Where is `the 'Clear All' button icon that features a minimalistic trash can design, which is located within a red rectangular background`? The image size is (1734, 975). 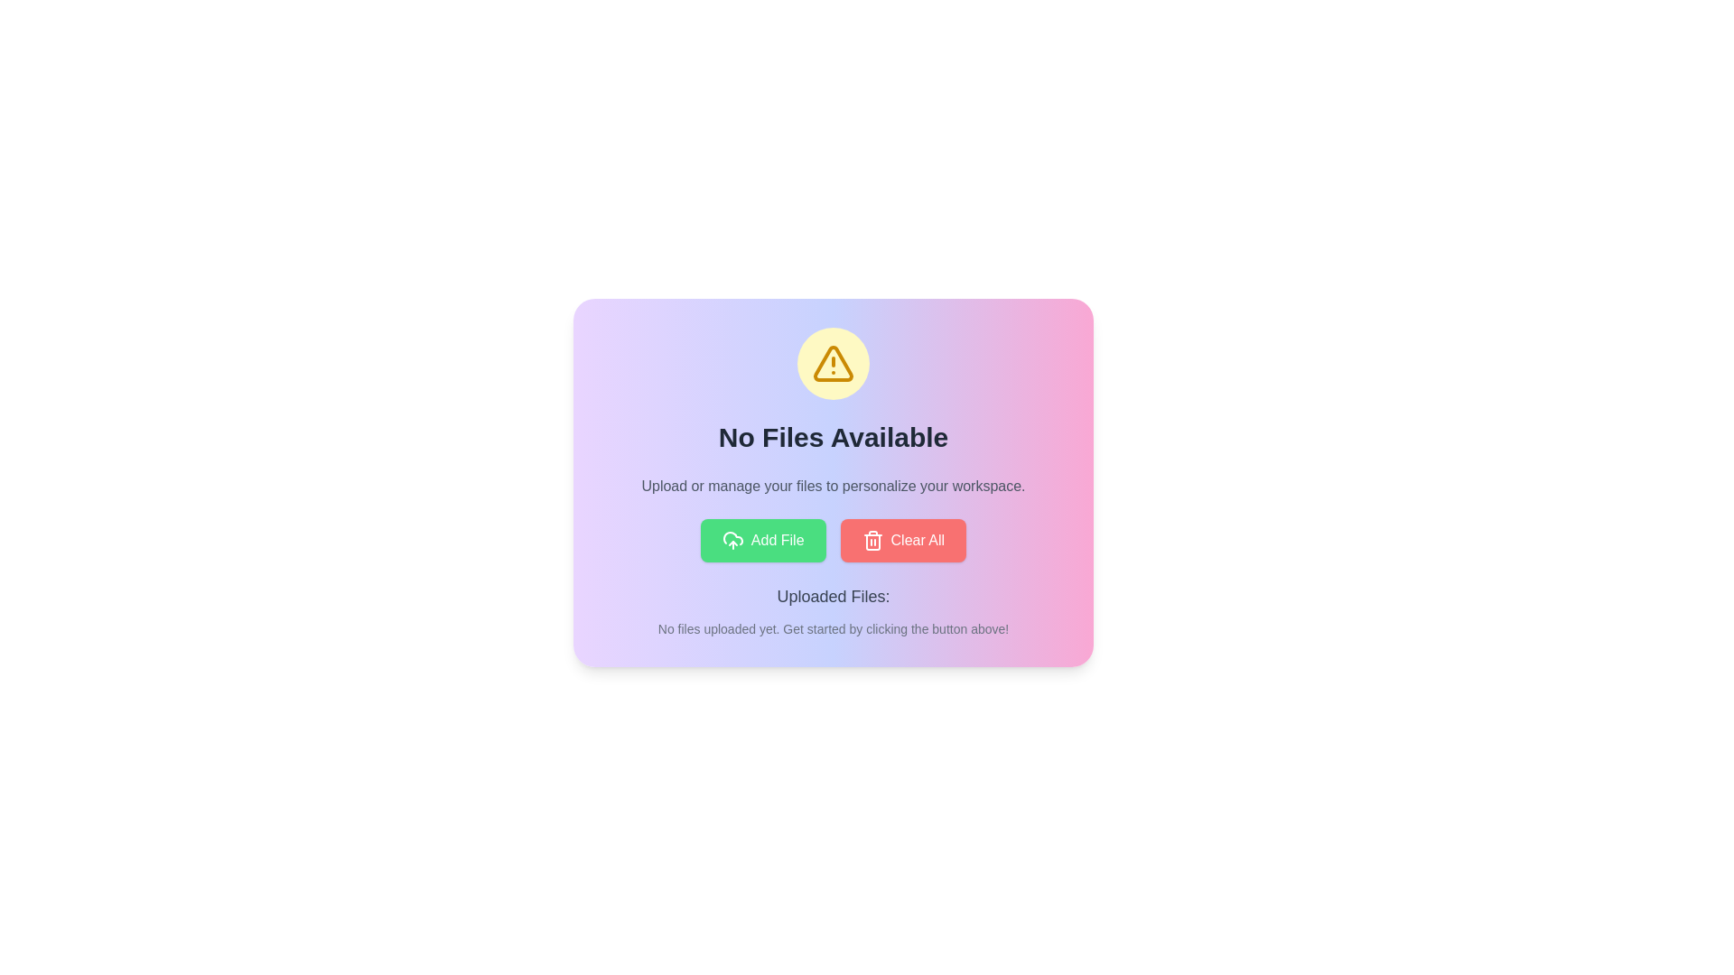 the 'Clear All' button icon that features a minimalistic trash can design, which is located within a red rectangular background is located at coordinates (872, 542).